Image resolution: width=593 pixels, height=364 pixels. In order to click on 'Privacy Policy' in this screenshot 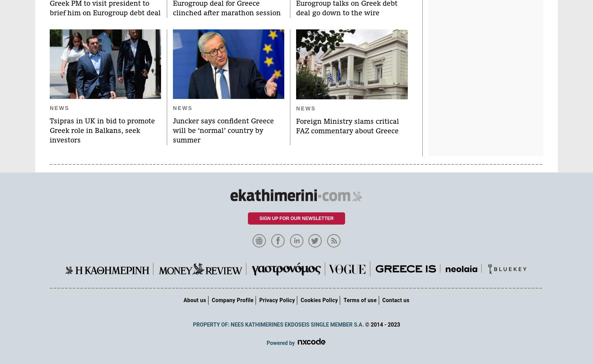, I will do `click(259, 300)`.